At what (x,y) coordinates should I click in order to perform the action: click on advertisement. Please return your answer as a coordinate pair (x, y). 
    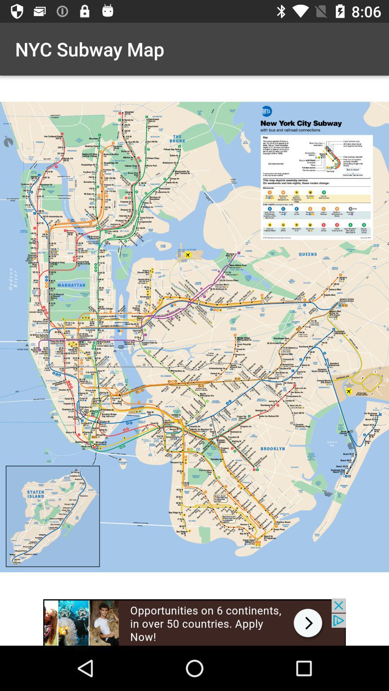
    Looking at the image, I should click on (194, 622).